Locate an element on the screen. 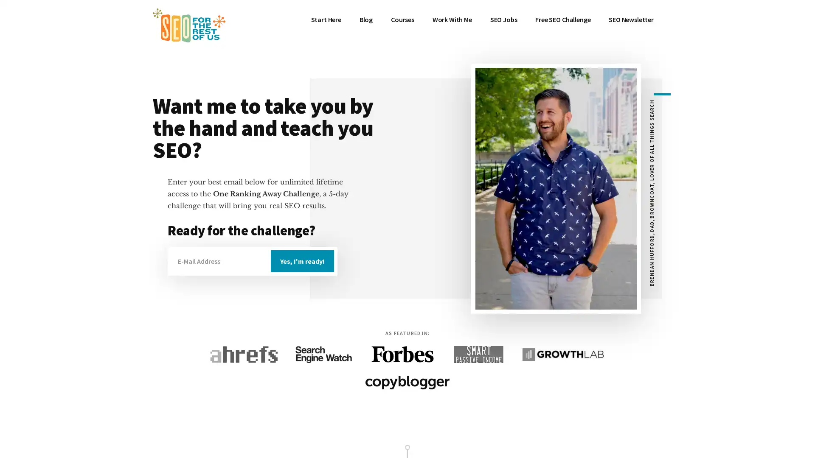  Yes, I'm ready! is located at coordinates (302, 261).